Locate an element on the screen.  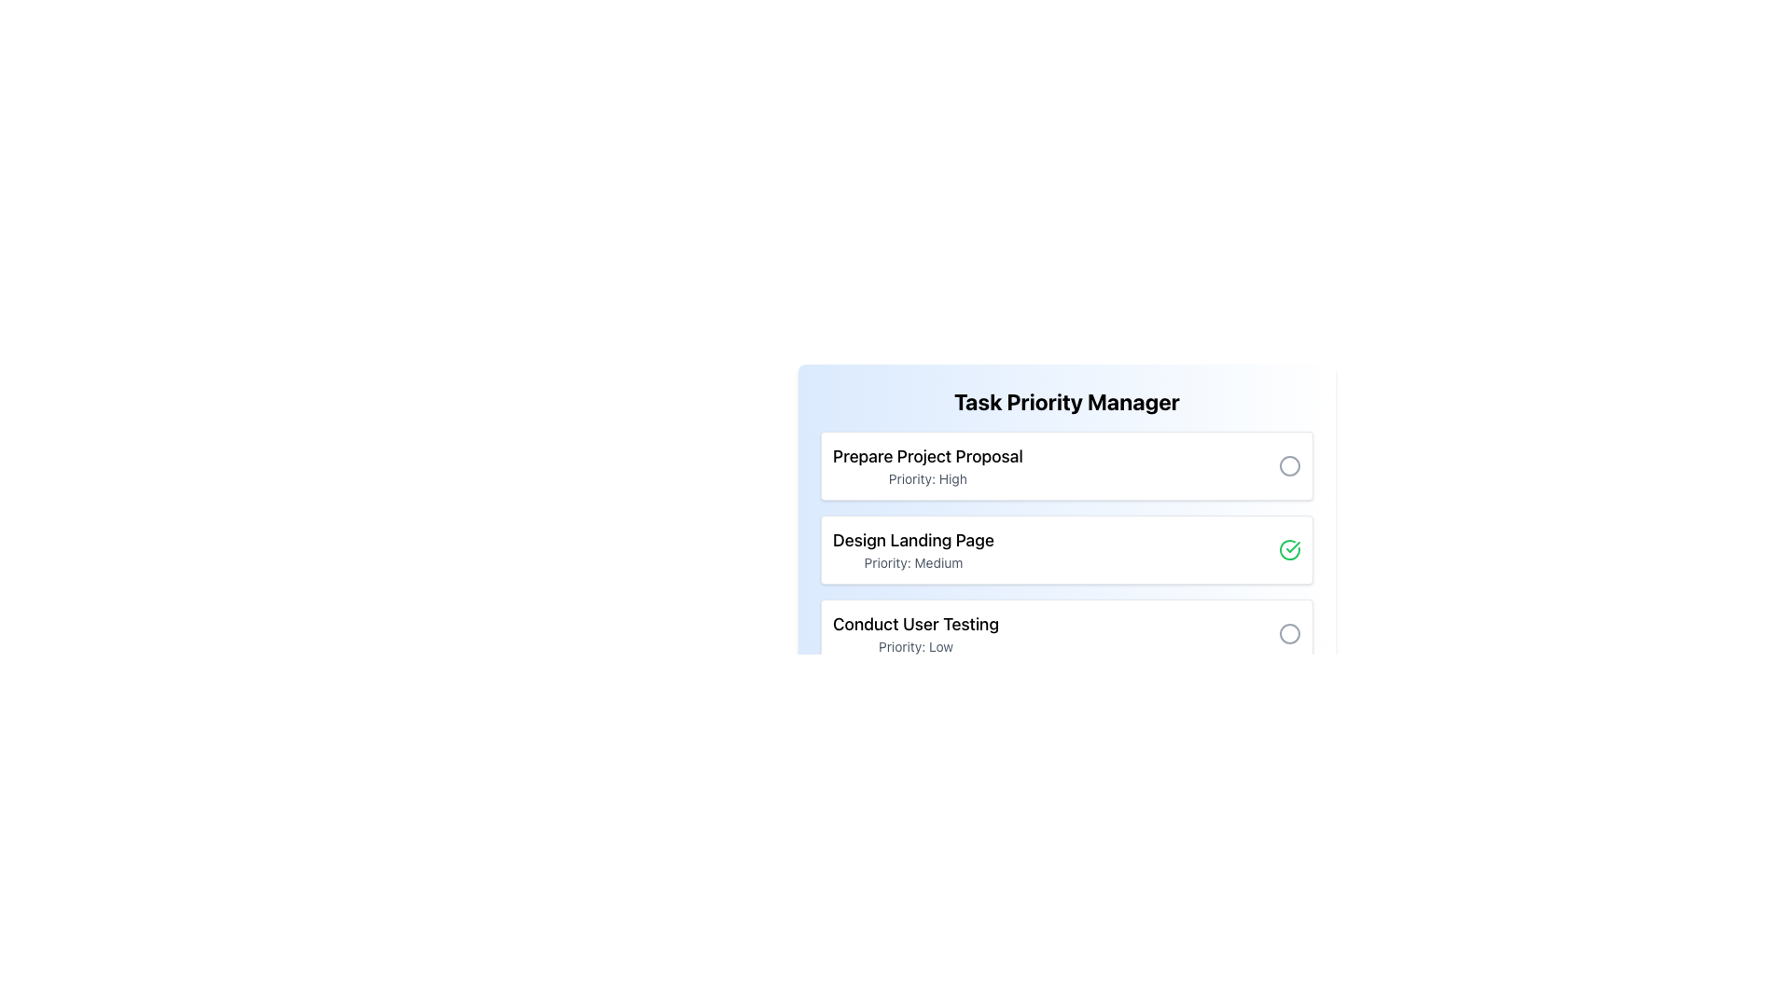
static text element that displays 'Priority: Low', which is styled in a smaller gray font and located directly below the heading 'Conduct User Testing' is located at coordinates (916, 646).